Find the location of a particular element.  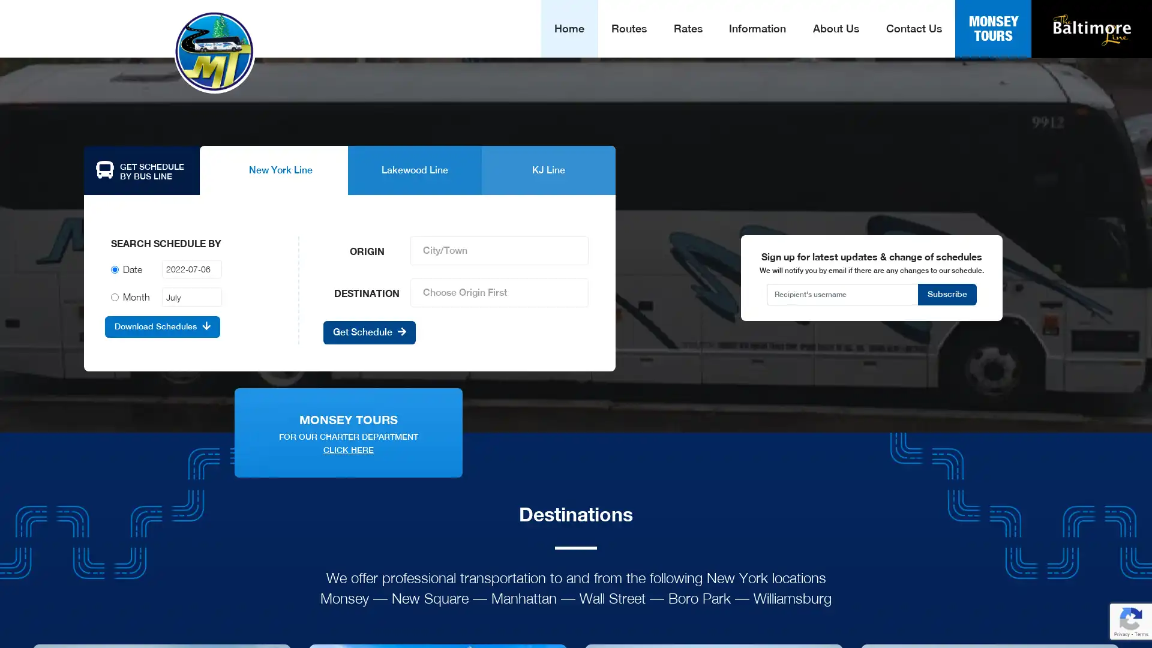

Subscribe is located at coordinates (946, 294).